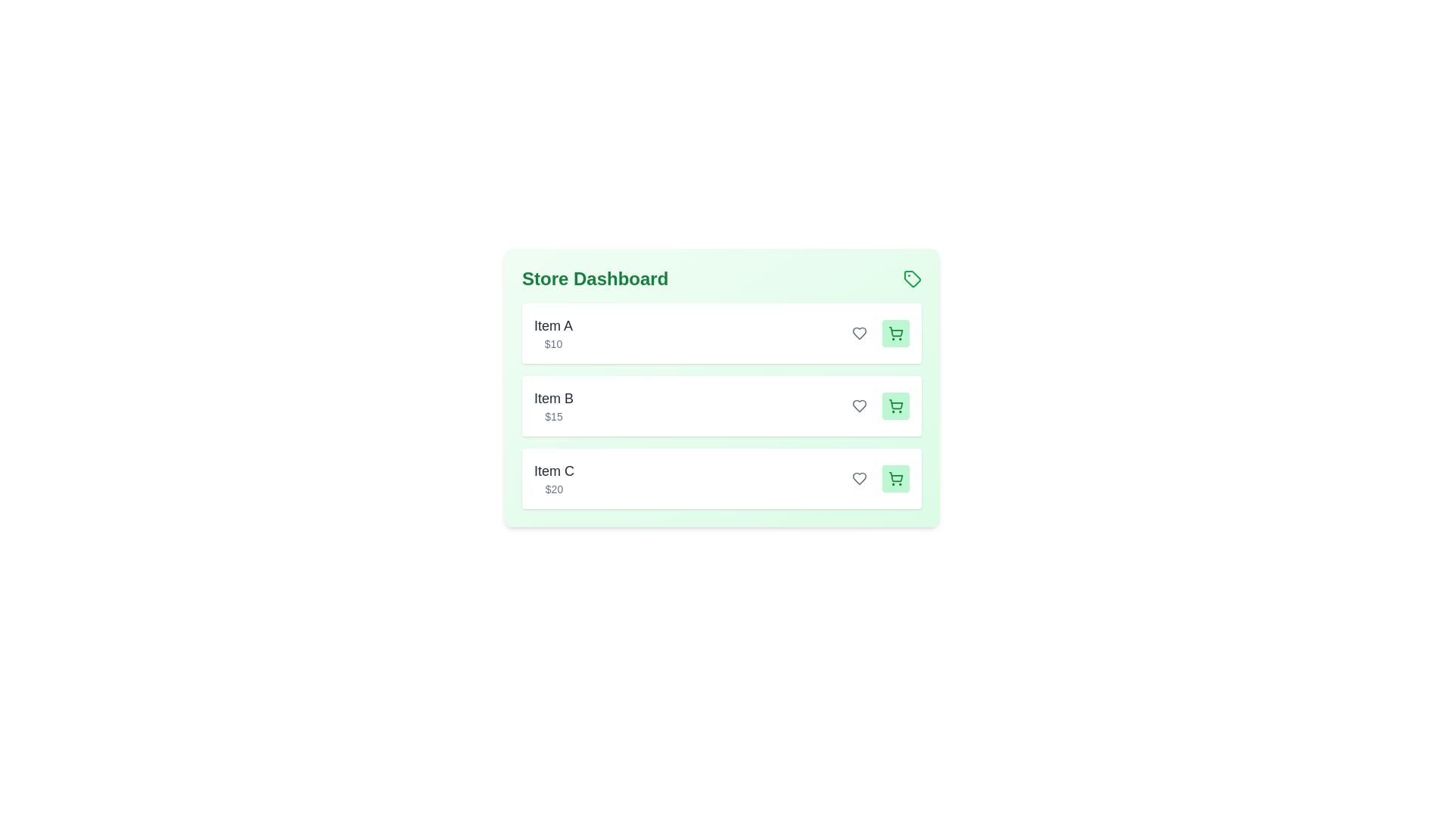 The width and height of the screenshot is (1453, 817). I want to click on the tag-shaped icon located in the top-right corner of the 'Store Dashboard' section, to the right of the title, so click(911, 279).